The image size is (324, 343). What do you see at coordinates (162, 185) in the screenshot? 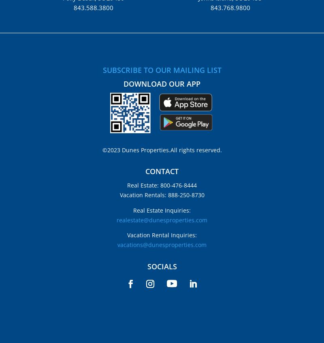
I see `'Real Estate: 800-476-8444'` at bounding box center [162, 185].